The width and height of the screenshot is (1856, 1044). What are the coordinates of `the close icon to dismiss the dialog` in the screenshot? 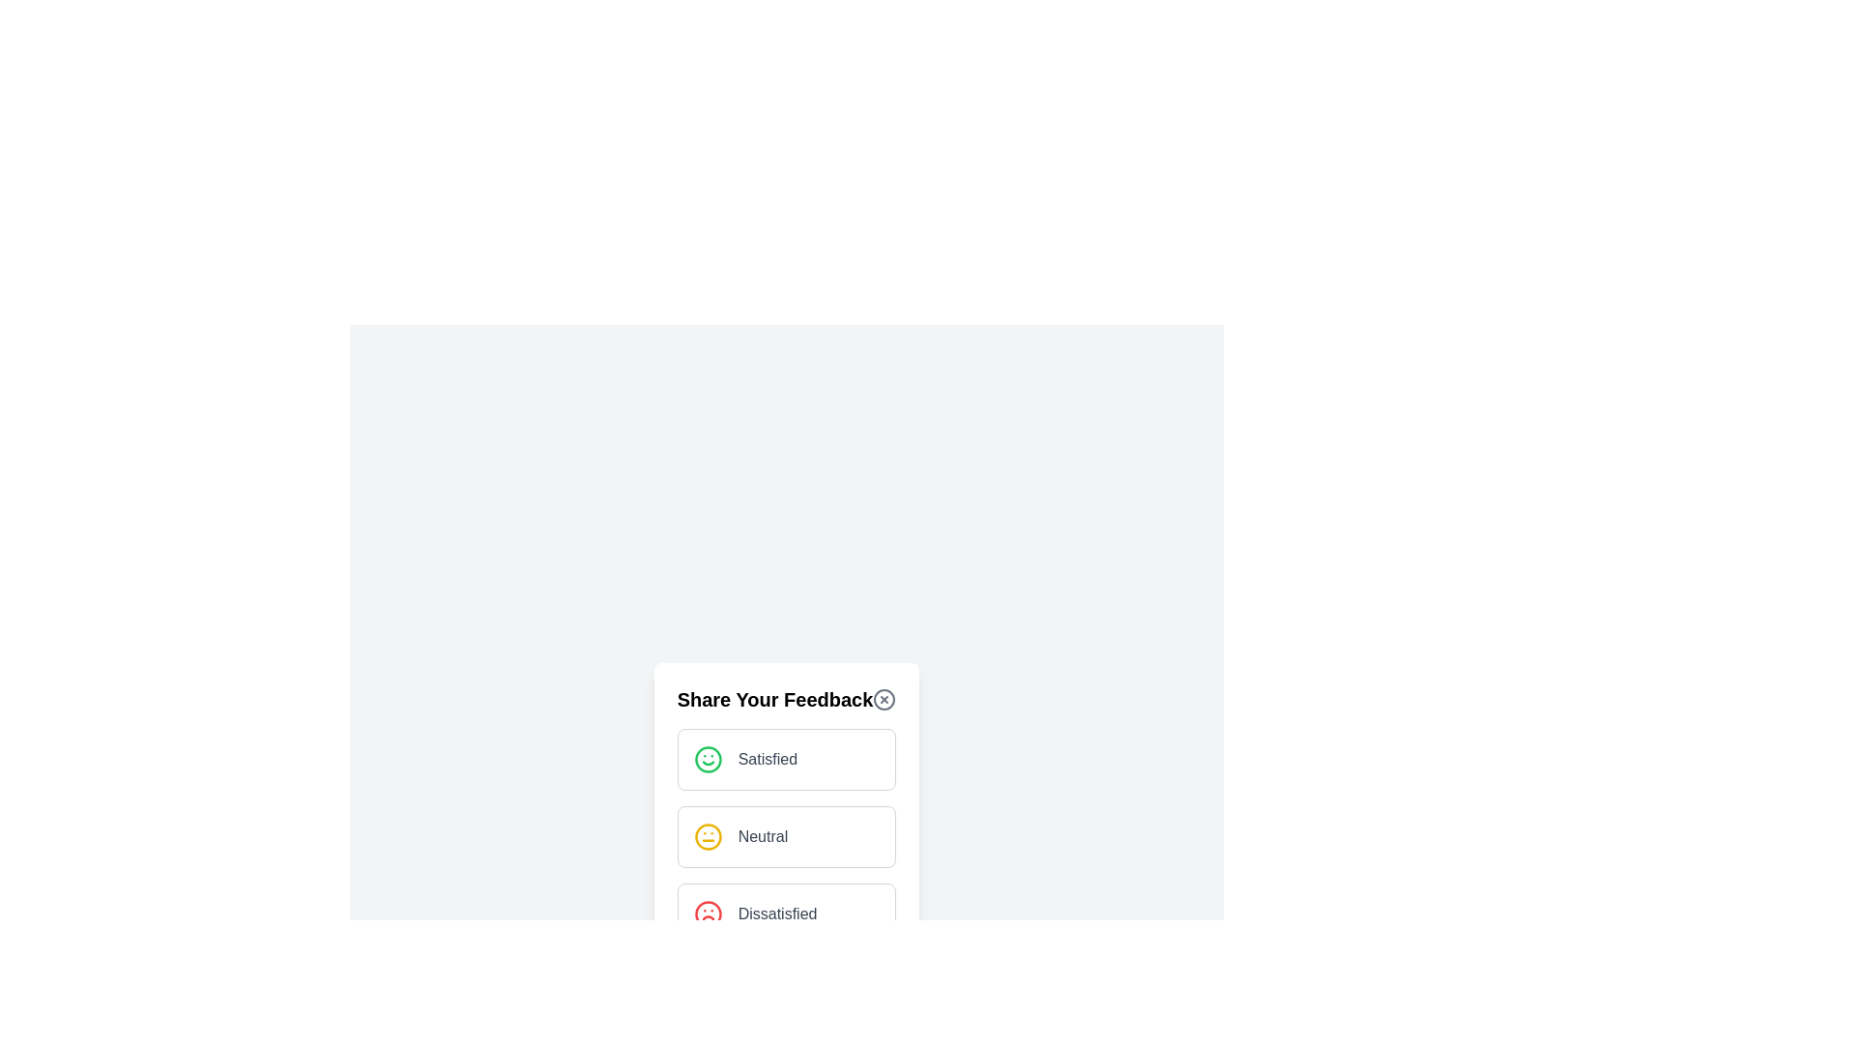 It's located at (884, 700).